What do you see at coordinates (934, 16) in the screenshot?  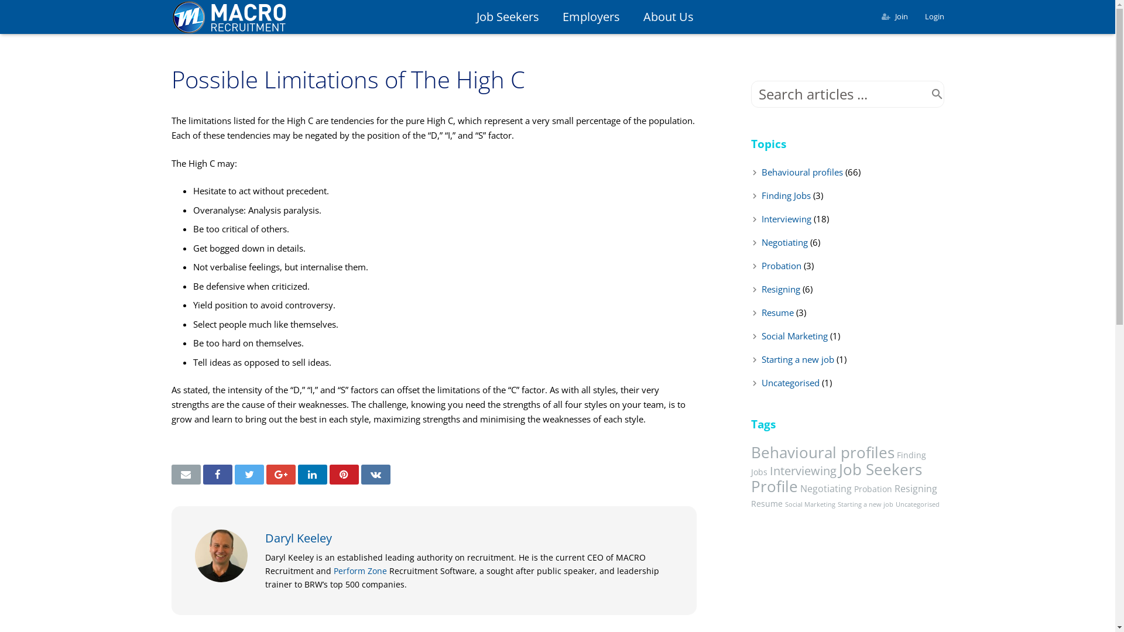 I see `'Login'` at bounding box center [934, 16].